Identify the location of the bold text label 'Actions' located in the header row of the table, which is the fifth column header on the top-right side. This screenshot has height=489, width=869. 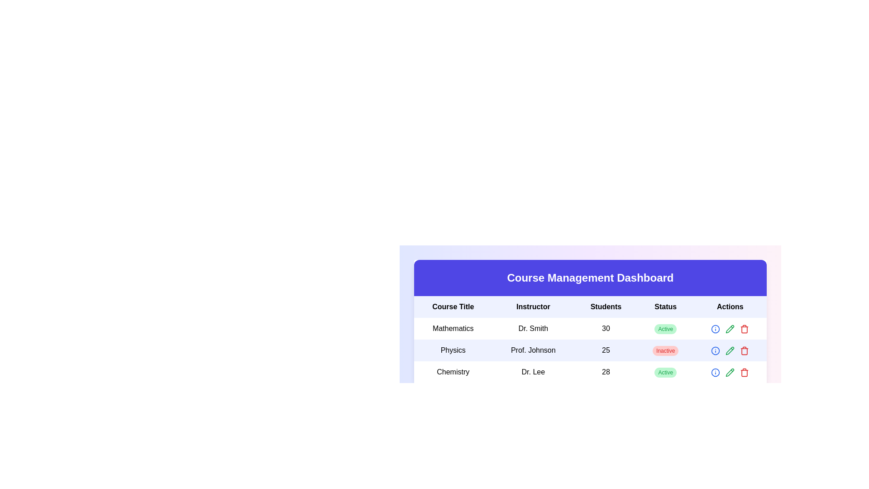
(730, 307).